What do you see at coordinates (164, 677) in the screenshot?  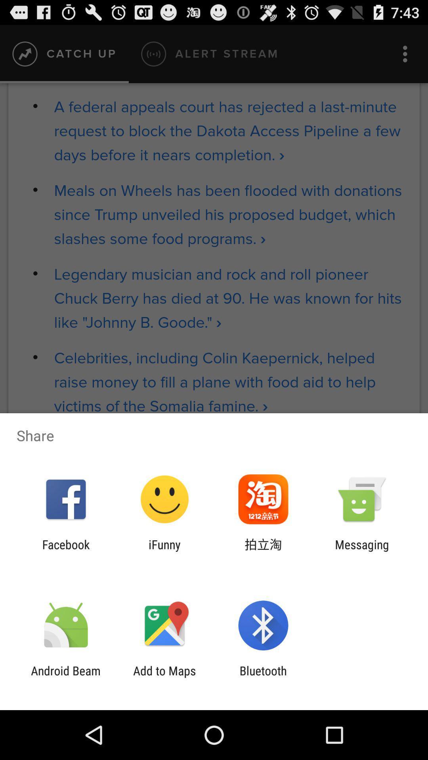 I see `the add to maps app` at bounding box center [164, 677].